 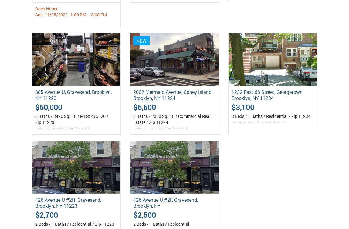 I want to click on '2002 Mermaid Avenue, Coney Island, Brooklyn, NY 11224', so click(x=173, y=95).